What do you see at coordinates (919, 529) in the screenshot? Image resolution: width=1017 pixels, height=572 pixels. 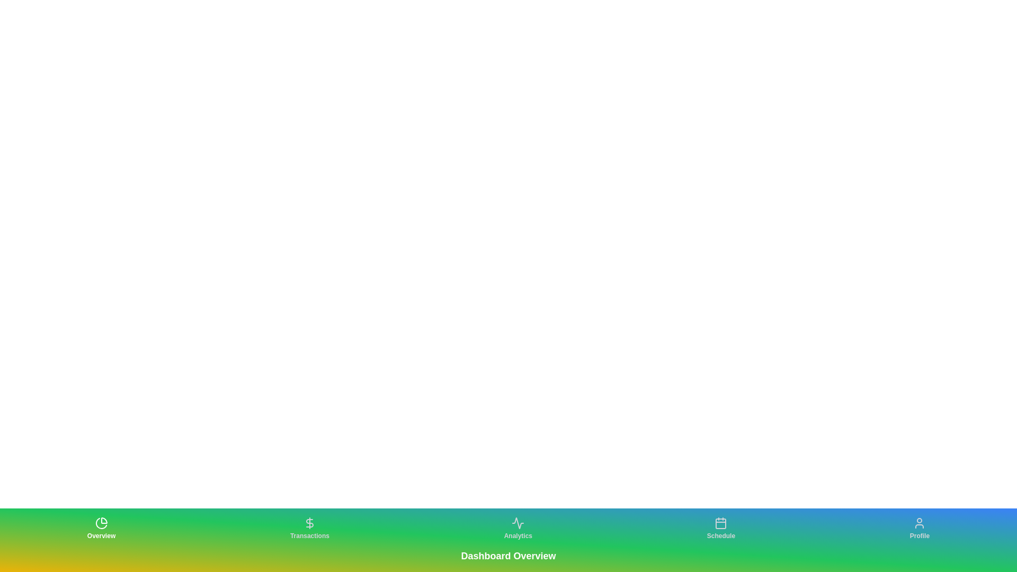 I see `the tab labeled Profile to observe its hover effect` at bounding box center [919, 529].